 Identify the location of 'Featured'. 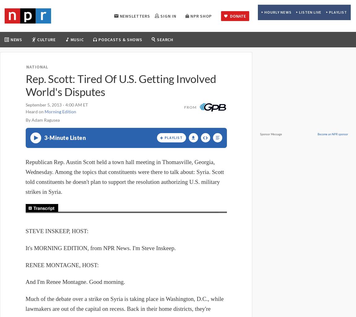
(180, 56).